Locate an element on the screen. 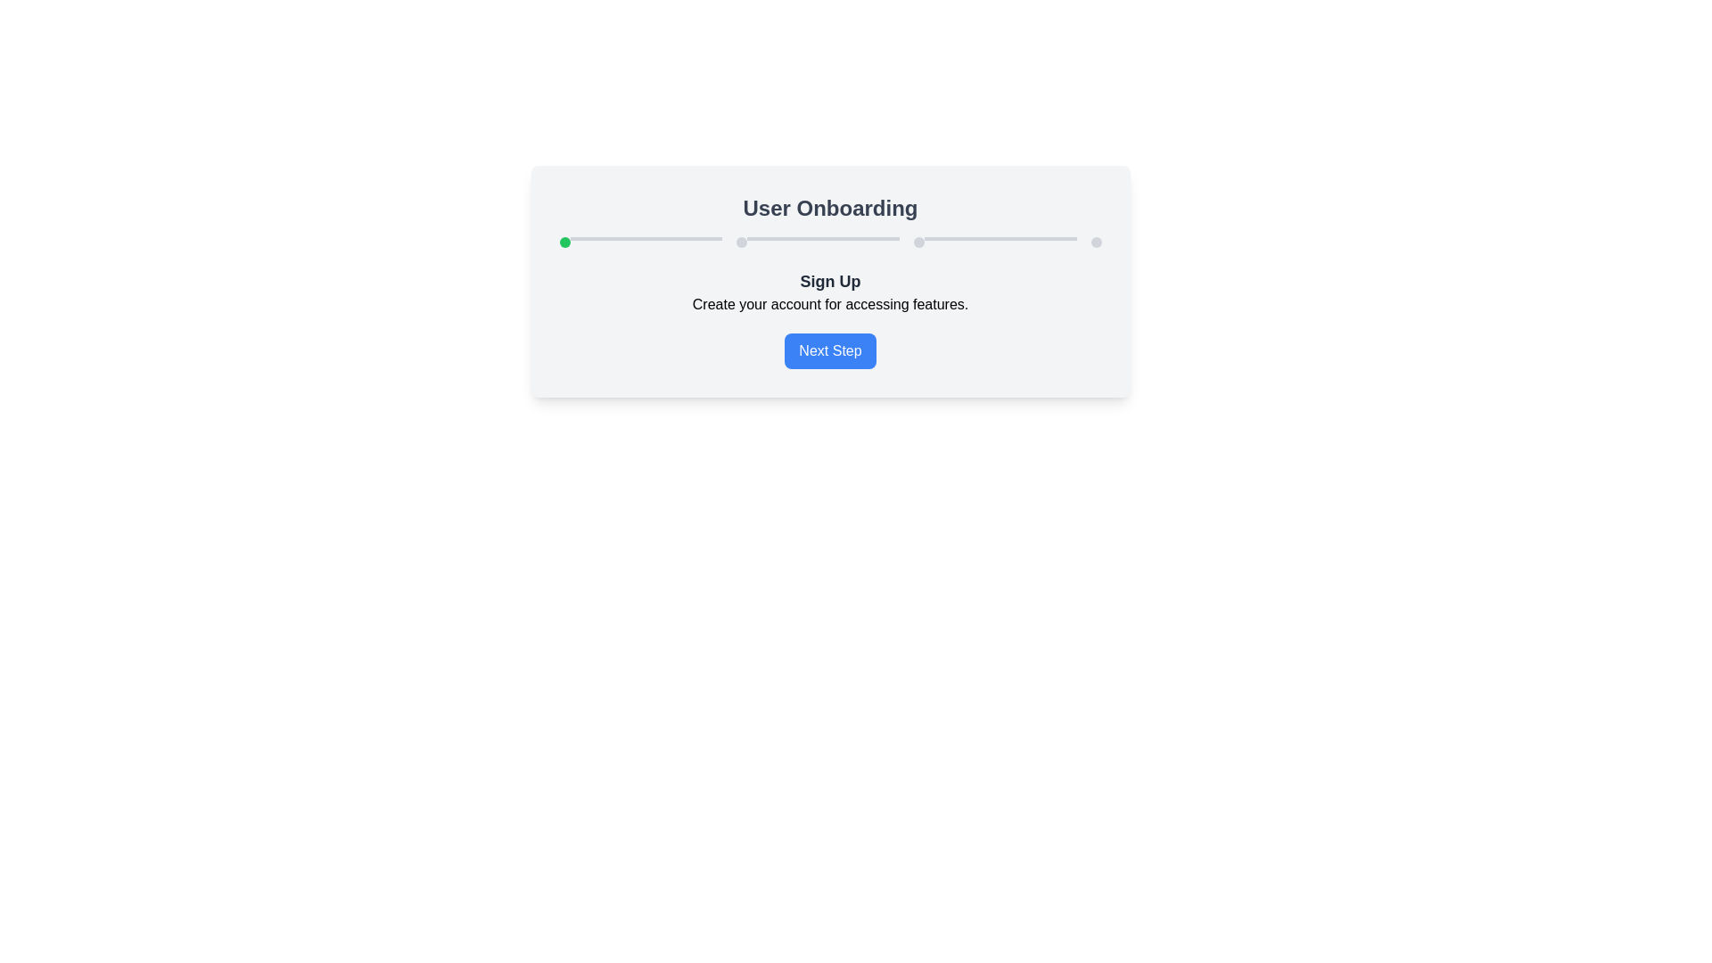 The image size is (1712, 963). the first circular status indicator, which is green and represents the active step in a multi-step process is located at coordinates (564, 243).